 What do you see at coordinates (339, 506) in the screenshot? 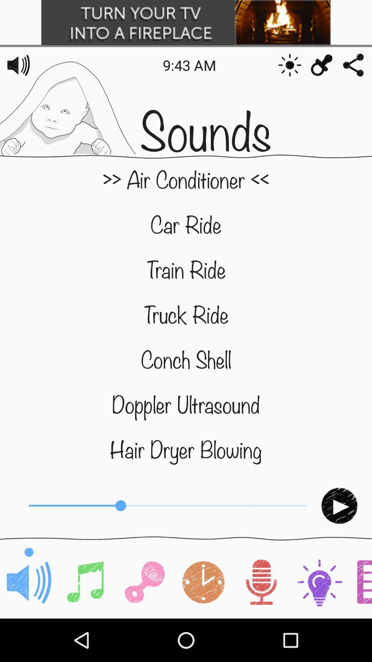
I see `the play icon` at bounding box center [339, 506].